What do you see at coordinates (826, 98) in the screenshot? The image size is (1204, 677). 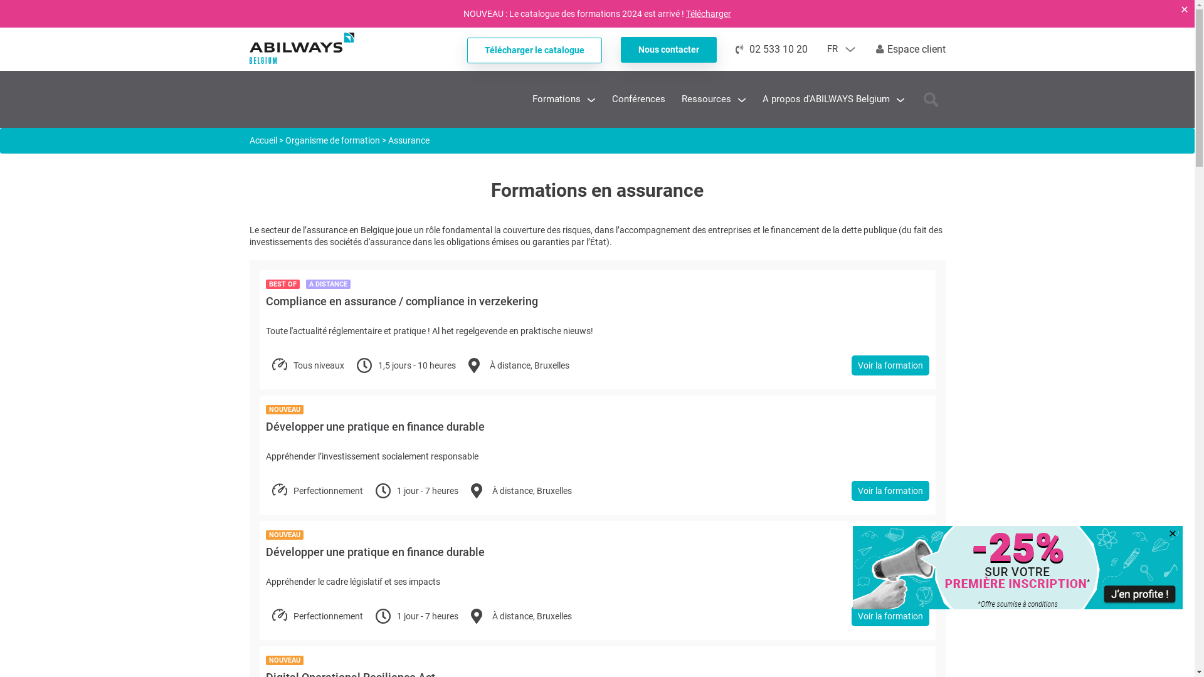 I see `'A propos d'ABILWAYS Belgium'` at bounding box center [826, 98].